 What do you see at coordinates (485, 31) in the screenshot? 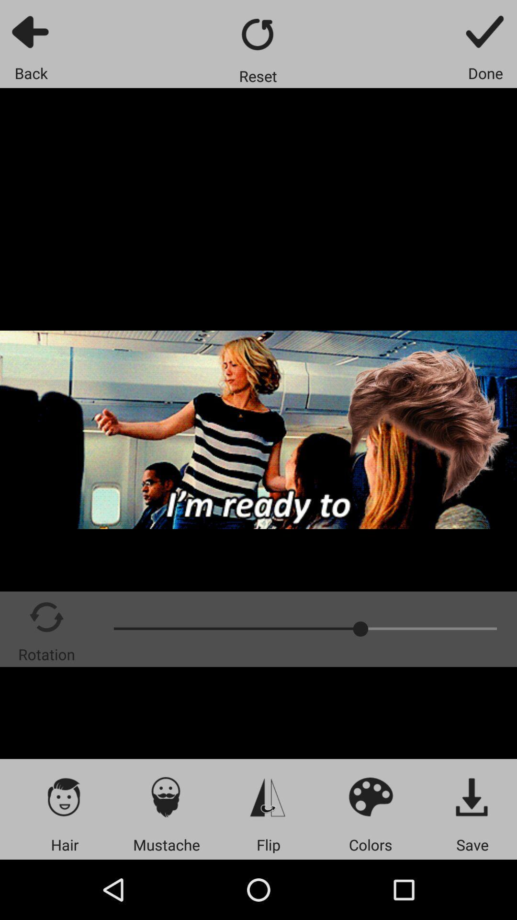
I see `confirm done` at bounding box center [485, 31].